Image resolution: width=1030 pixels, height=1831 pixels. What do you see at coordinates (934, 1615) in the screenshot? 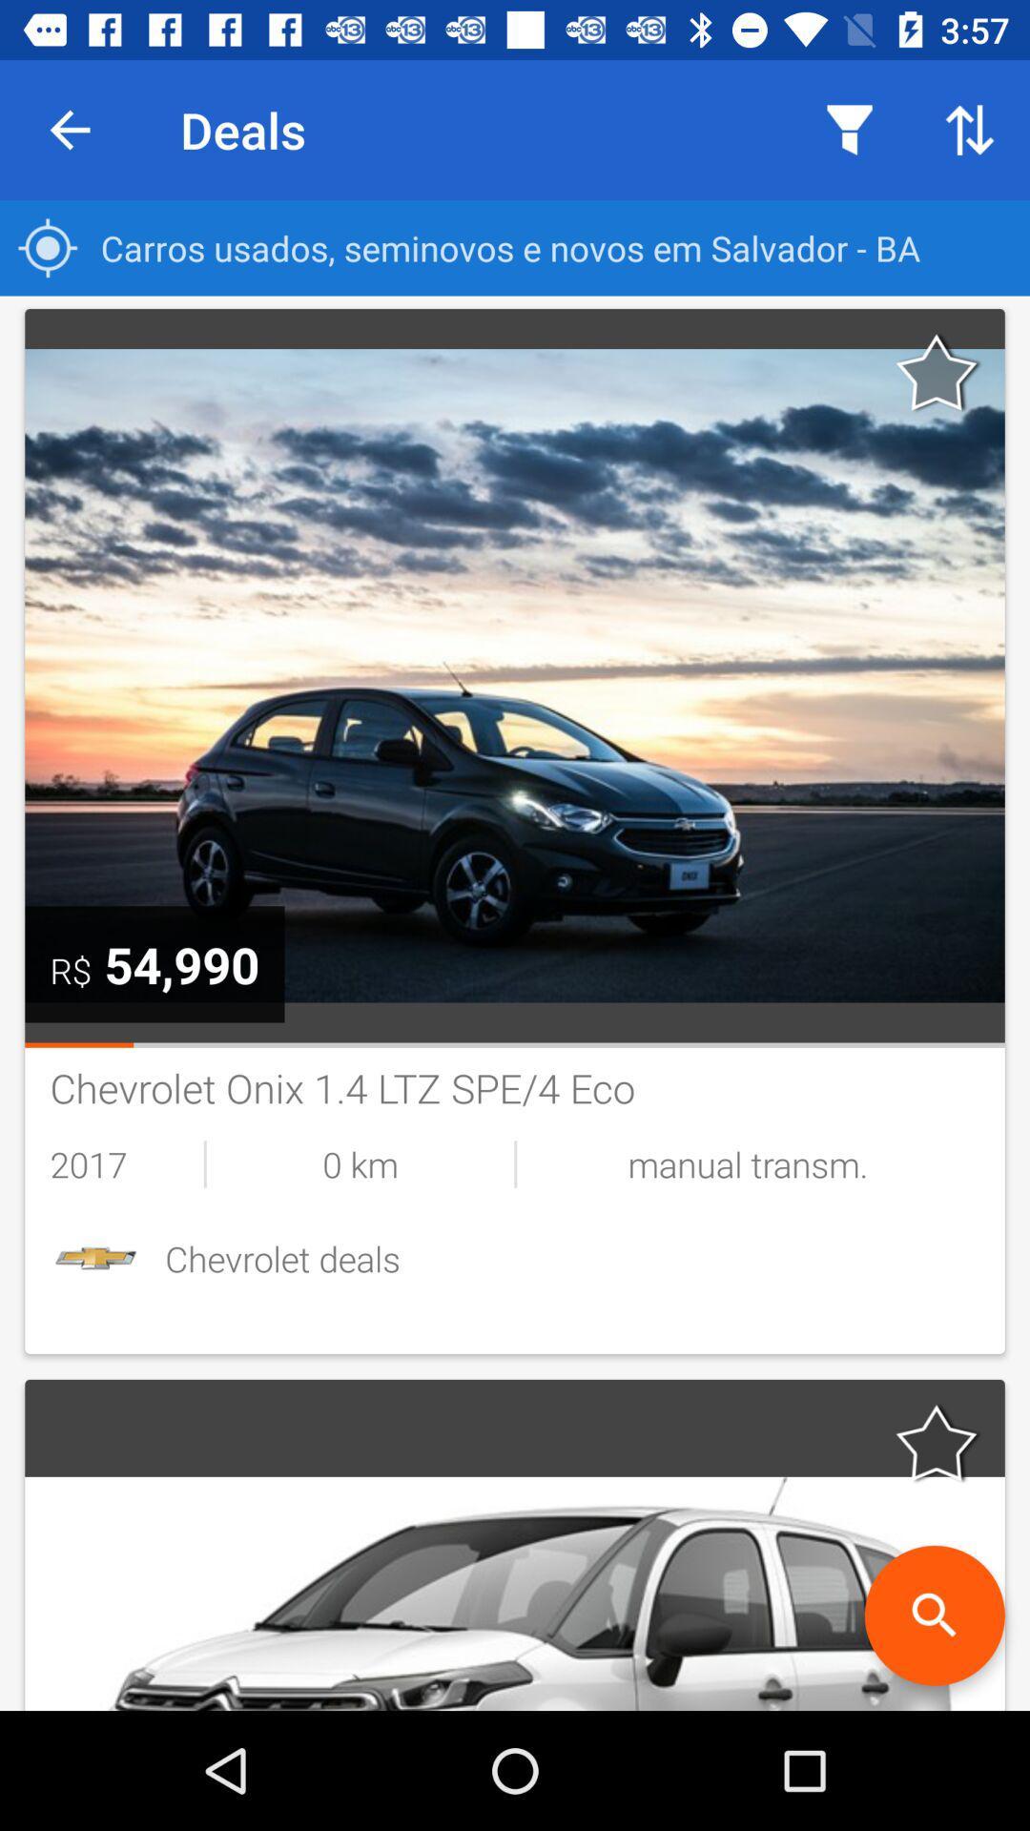
I see `zoom the picture` at bounding box center [934, 1615].